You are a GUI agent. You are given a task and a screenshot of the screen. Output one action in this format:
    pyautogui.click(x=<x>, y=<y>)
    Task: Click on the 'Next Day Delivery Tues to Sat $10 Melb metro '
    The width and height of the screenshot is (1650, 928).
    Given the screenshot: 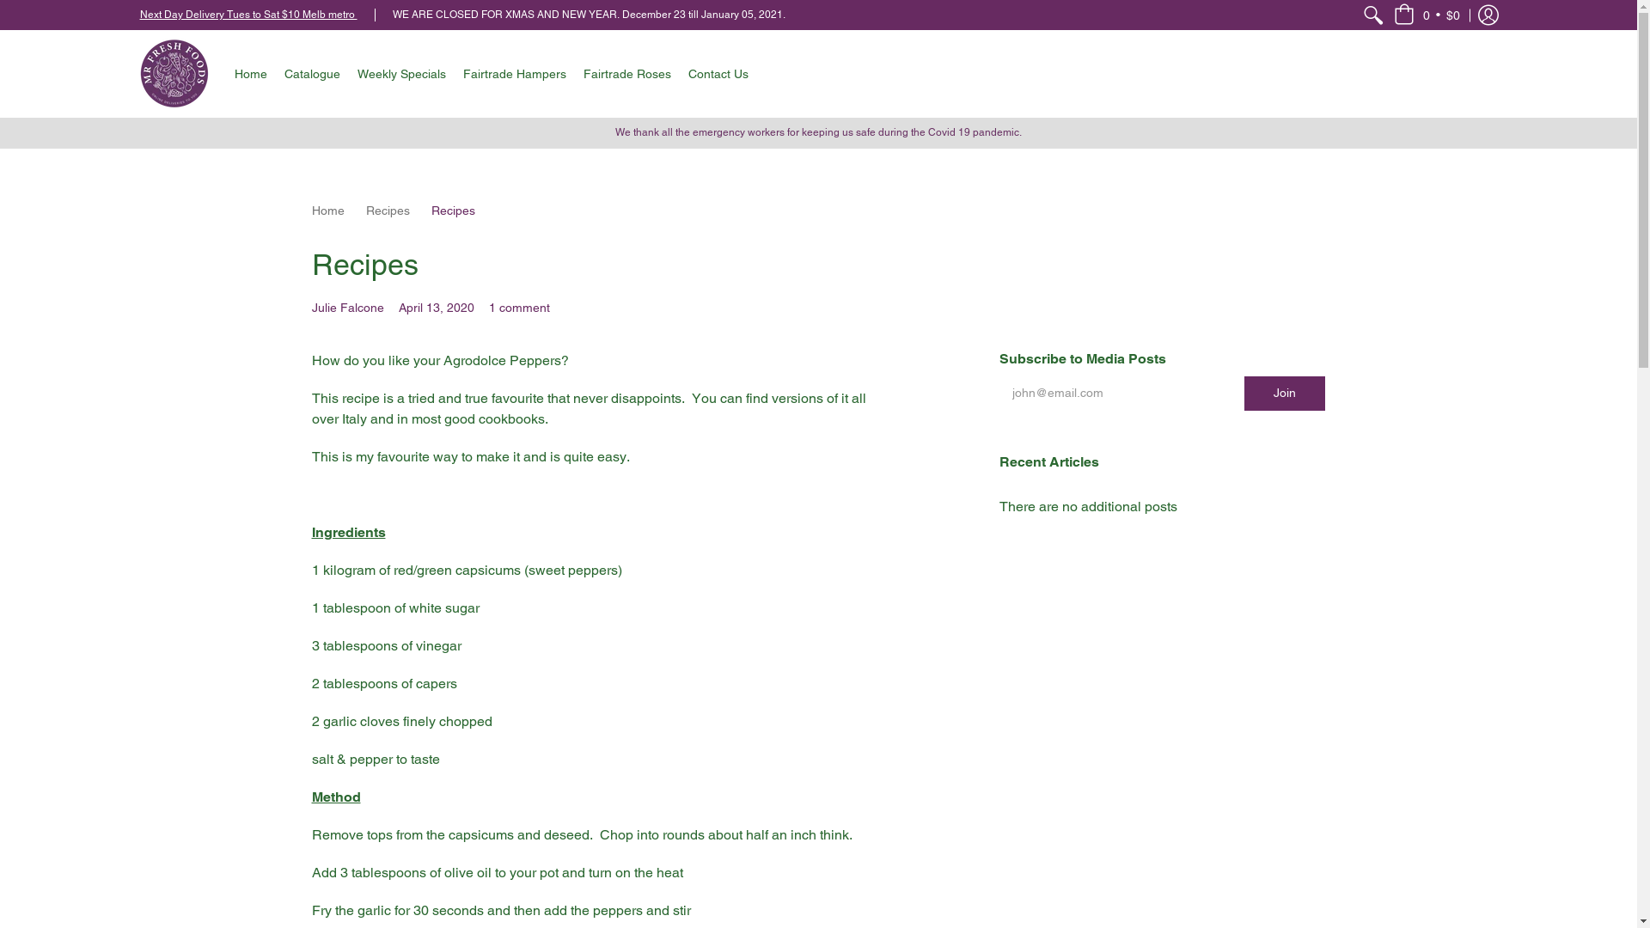 What is the action you would take?
    pyautogui.click(x=247, y=14)
    